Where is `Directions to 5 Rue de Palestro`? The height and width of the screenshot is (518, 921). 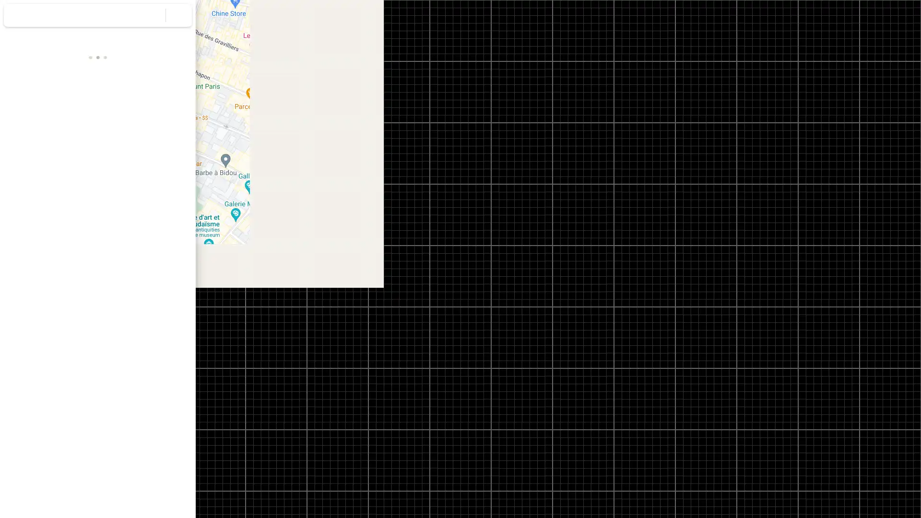
Directions to 5 Rue de Palestro is located at coordinates (27, 164).